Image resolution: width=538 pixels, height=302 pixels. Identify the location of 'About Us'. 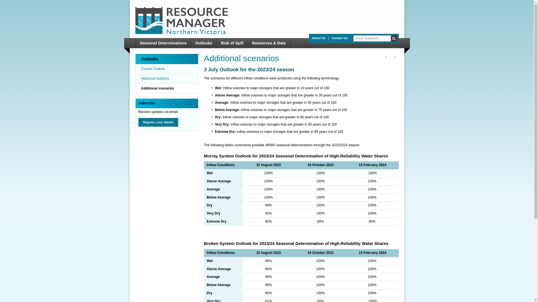
(319, 37).